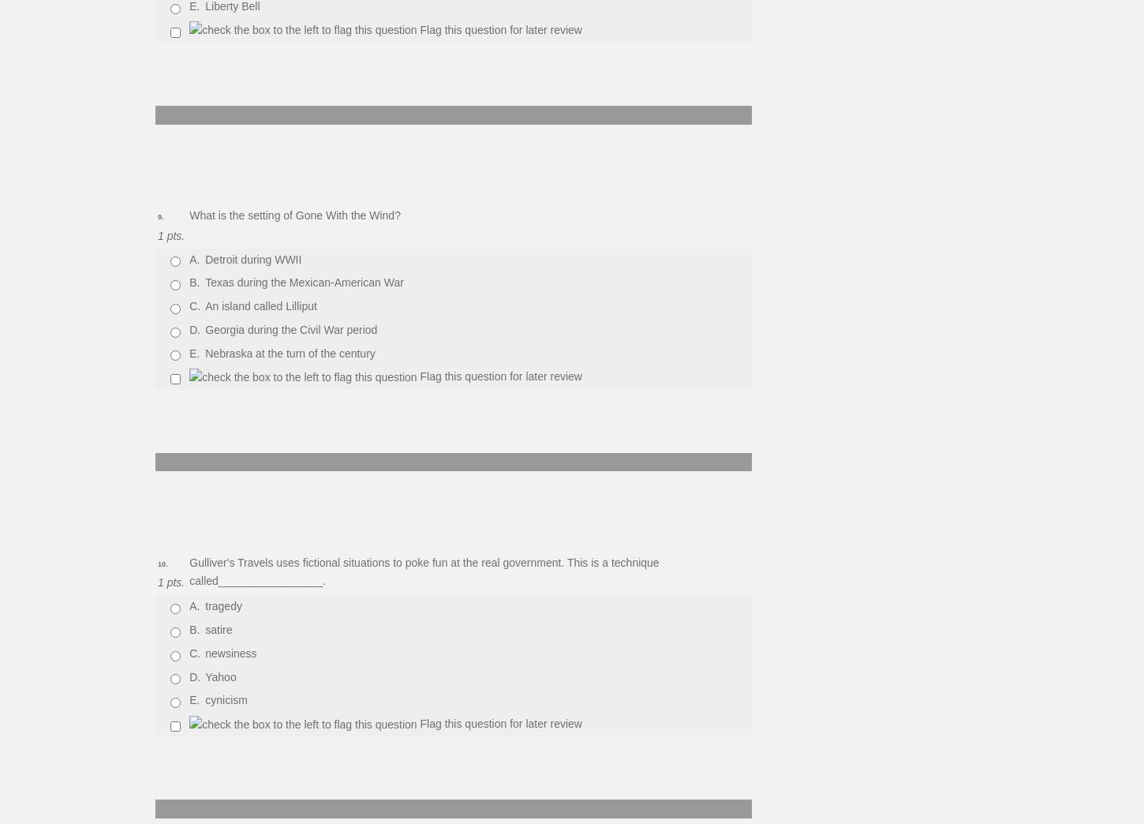 The width and height of the screenshot is (1144, 824). I want to click on 'Texas during the Mexican-American War', so click(303, 282).